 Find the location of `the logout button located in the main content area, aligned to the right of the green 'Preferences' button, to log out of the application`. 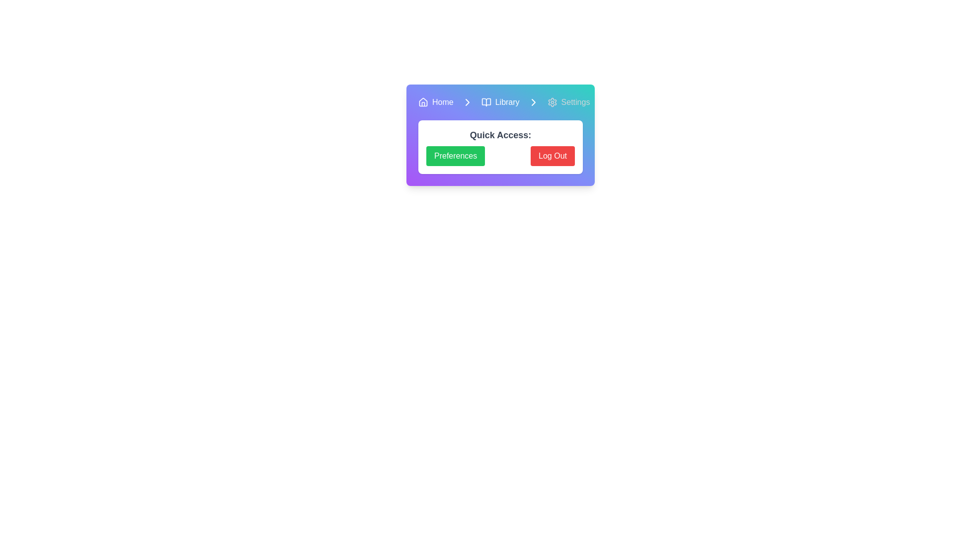

the logout button located in the main content area, aligned to the right of the green 'Preferences' button, to log out of the application is located at coordinates (552, 156).